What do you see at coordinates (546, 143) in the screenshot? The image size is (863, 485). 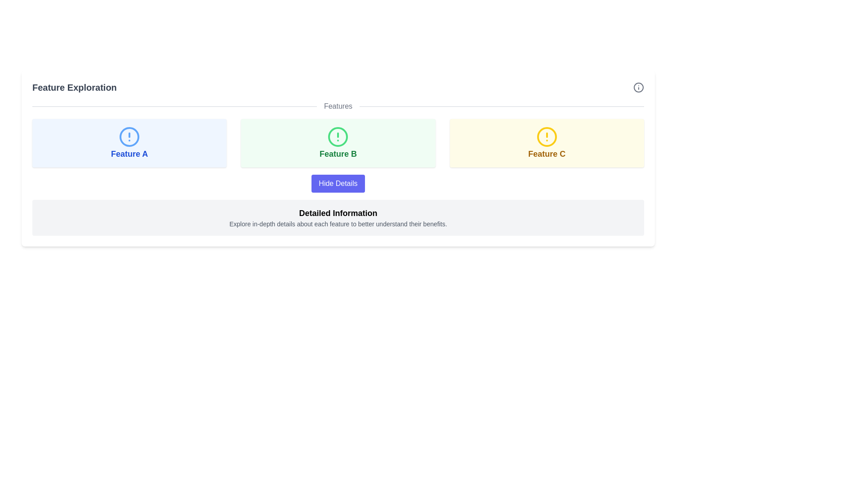 I see `the Feature card labeled 'Feature C' which has a pale yellow background and is the third element in a row of three features` at bounding box center [546, 143].